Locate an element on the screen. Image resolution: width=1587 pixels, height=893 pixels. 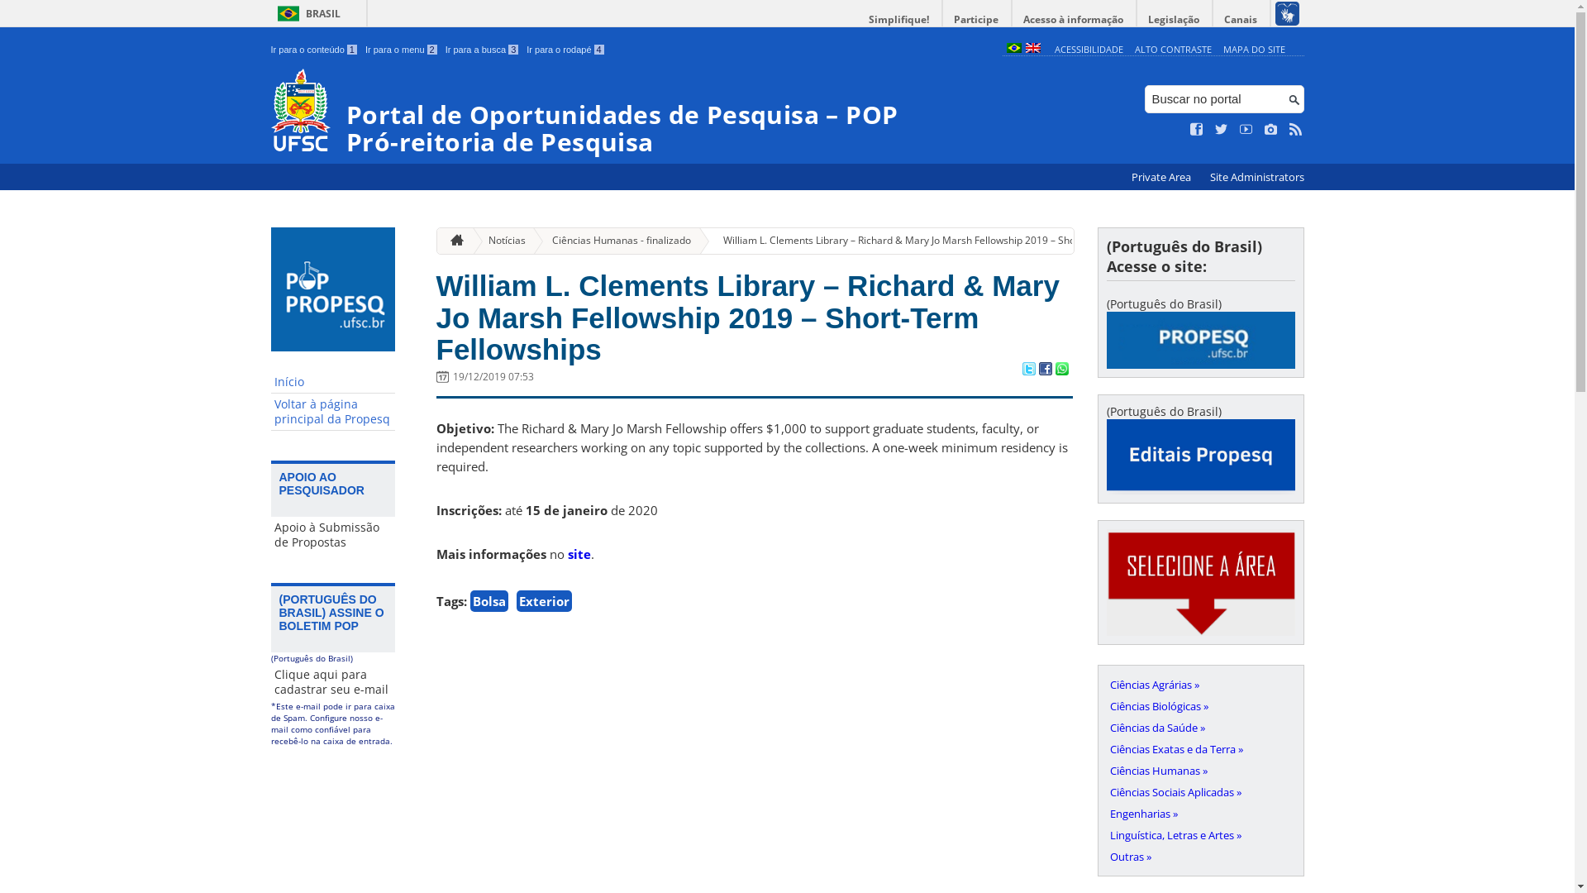
'Ir para a busca 3' is located at coordinates (481, 49).